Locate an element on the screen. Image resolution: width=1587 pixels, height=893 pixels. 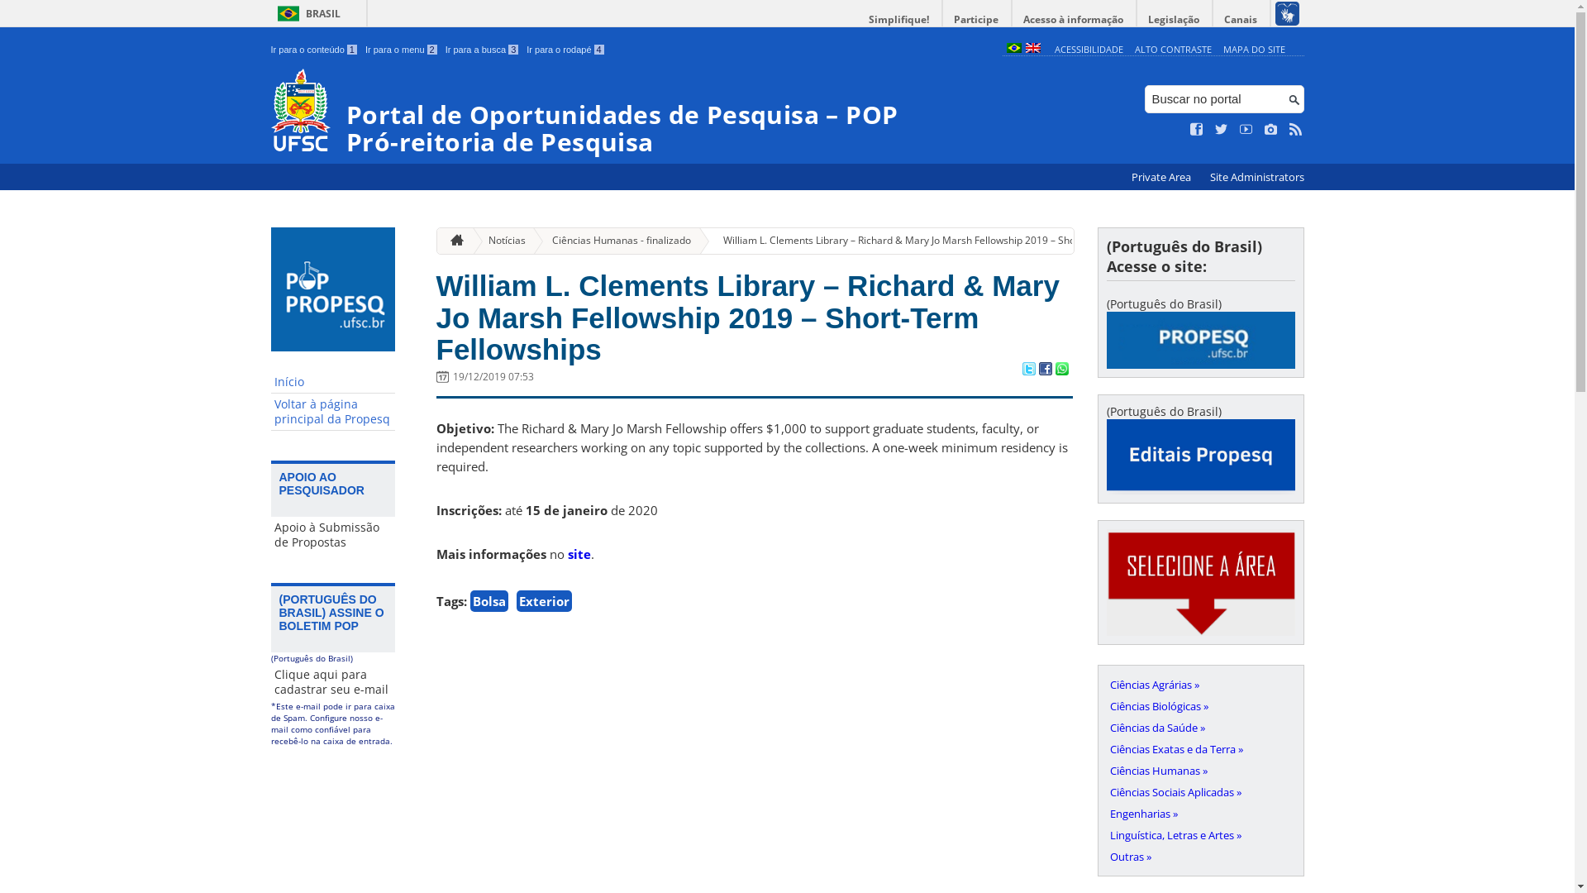
'Ir para a busca 3' is located at coordinates (481, 49).